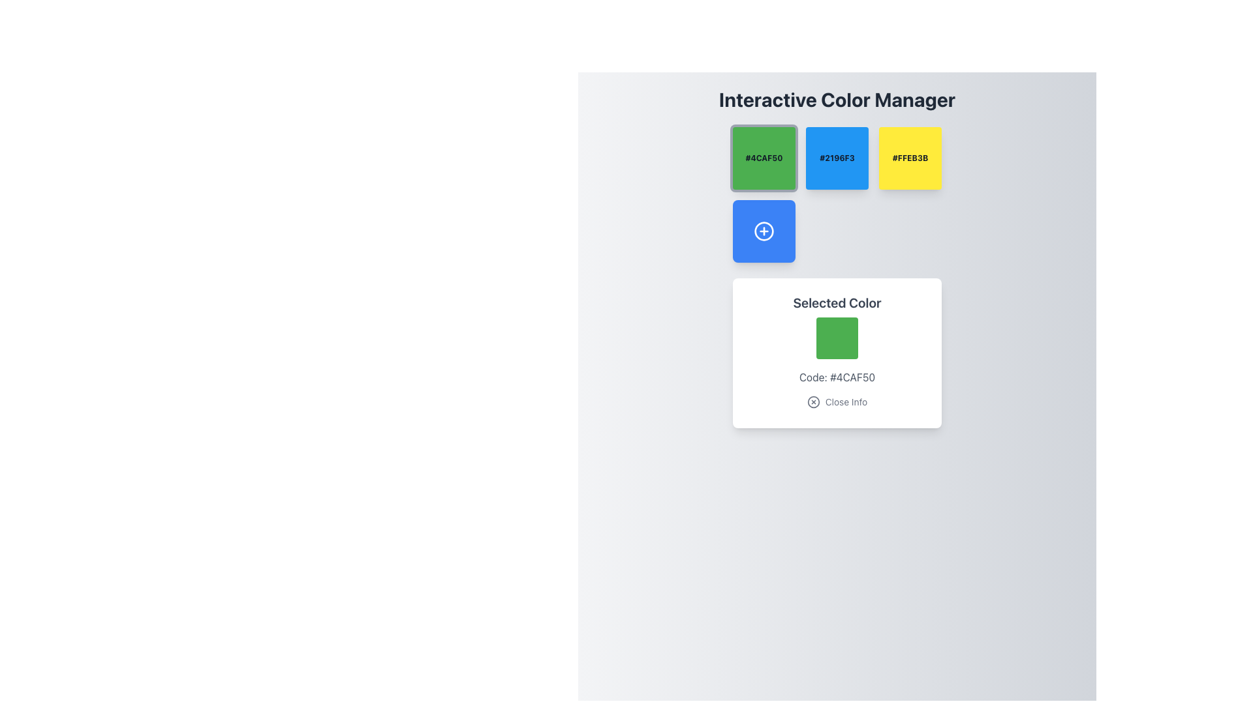 The height and width of the screenshot is (704, 1253). Describe the element at coordinates (764, 230) in the screenshot. I see `the SVG Circle that is centered within the blue button located in the second row and first column of the 'Interactive Color Manager' interface` at that location.